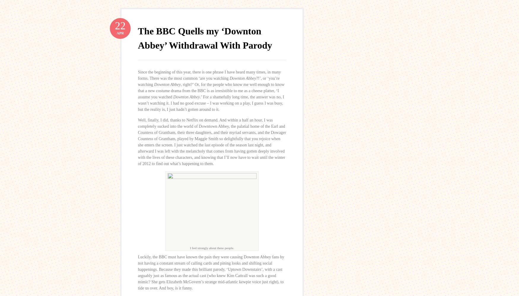  What do you see at coordinates (138, 103) in the screenshot?
I see `'.’ For a shamefully long time, the answer was no, I wasn’t watching it. I had no good excuse – I was working on a play, I guess I was busy, but the reality is, I just hadn’t gotten around to it.'` at bounding box center [138, 103].